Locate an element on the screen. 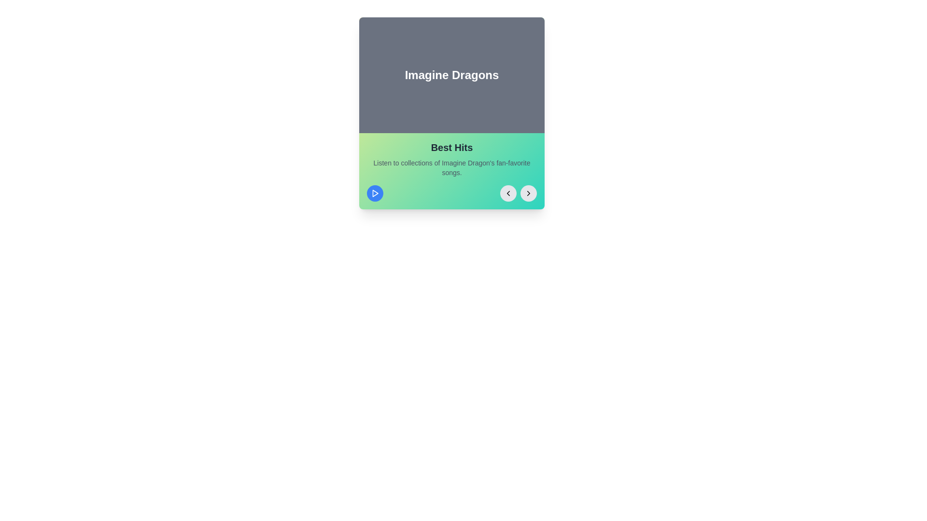 The height and width of the screenshot is (521, 927). the Header Content displaying 'Imagine Dragons' in bold white font on a gray background, located at the top of the card layout is located at coordinates (451, 74).